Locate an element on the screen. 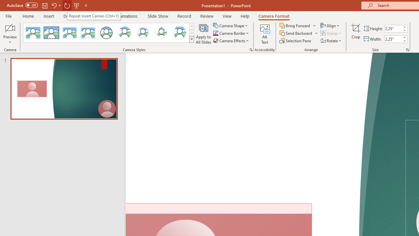 The width and height of the screenshot is (419, 236). 'AutomationID: CameoStylesGallery' is located at coordinates (109, 33).